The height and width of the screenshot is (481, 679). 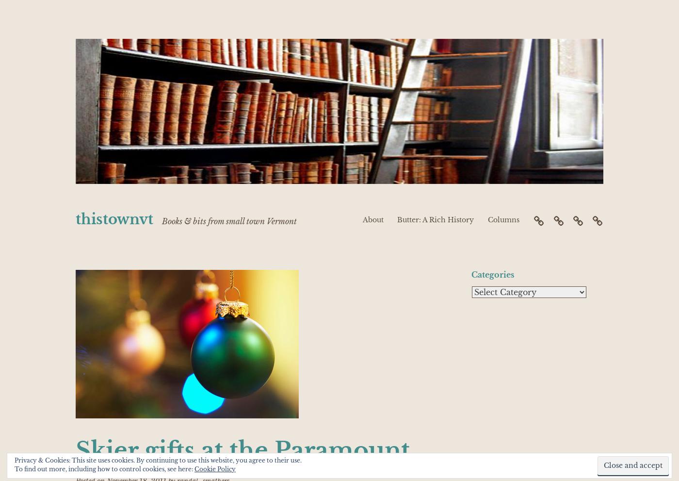 I want to click on 'thistownvt', so click(x=114, y=218).